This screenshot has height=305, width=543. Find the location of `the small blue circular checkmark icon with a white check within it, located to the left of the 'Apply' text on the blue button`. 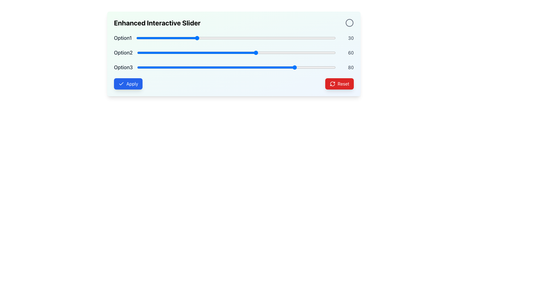

the small blue circular checkmark icon with a white check within it, located to the left of the 'Apply' text on the blue button is located at coordinates (121, 84).